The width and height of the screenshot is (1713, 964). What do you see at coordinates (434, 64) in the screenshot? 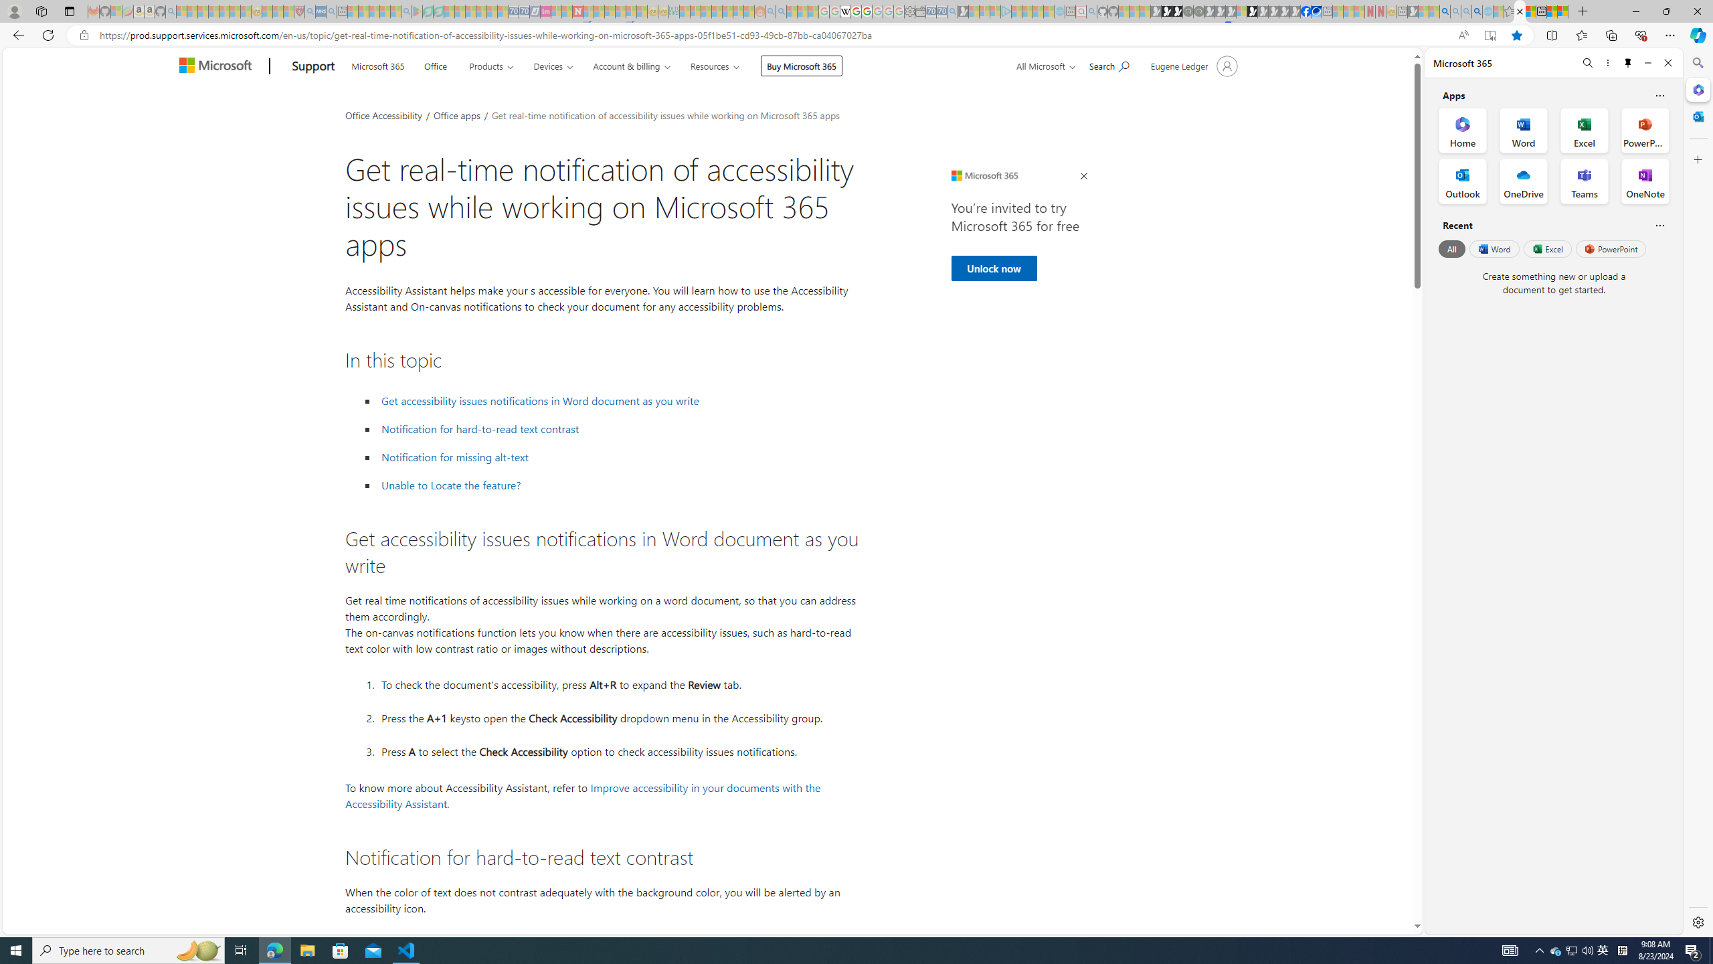
I see `'Office'` at bounding box center [434, 64].